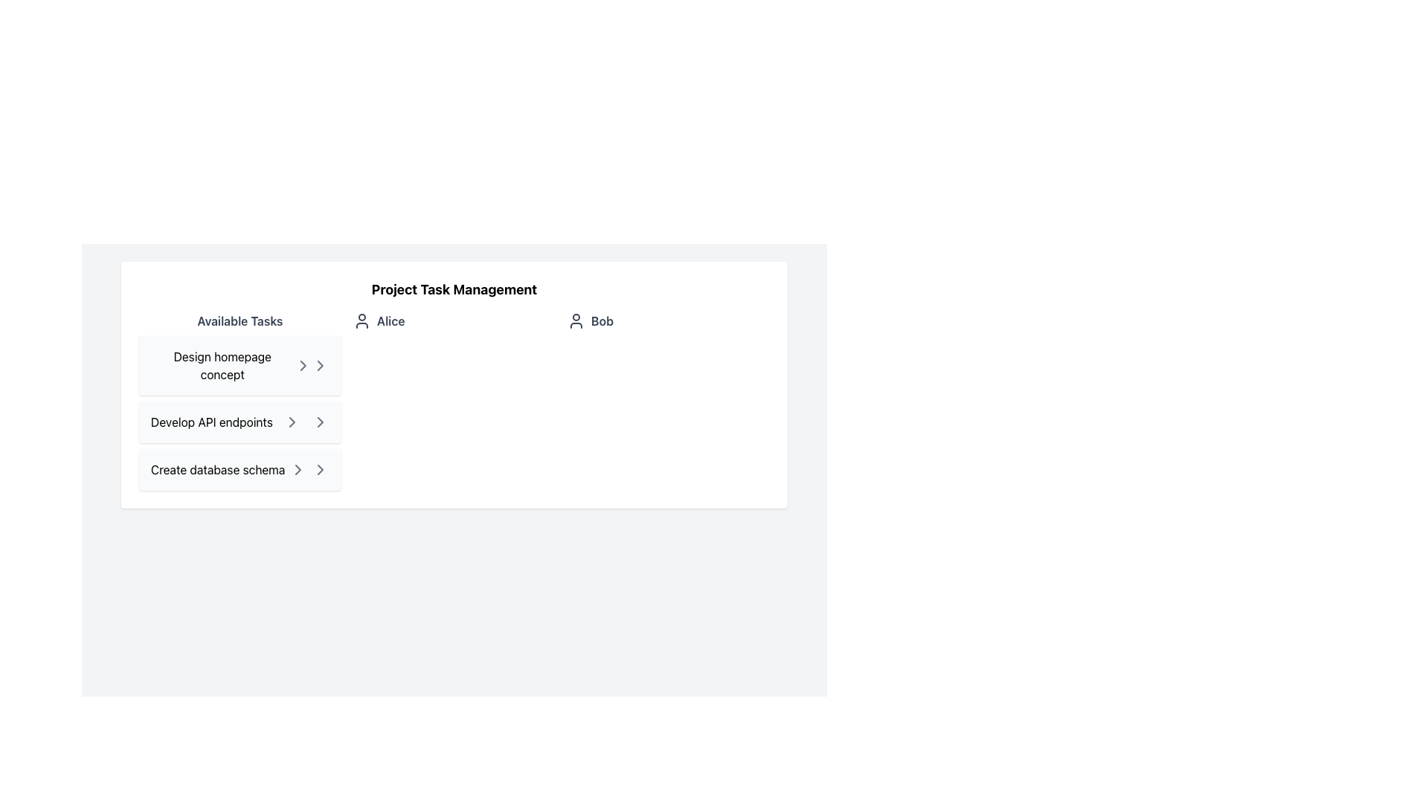 This screenshot has width=1428, height=803. Describe the element at coordinates (297, 470) in the screenshot. I see `the first chevron icon located to the right of the text 'Create database schema' in the third row of the vertical list` at that location.